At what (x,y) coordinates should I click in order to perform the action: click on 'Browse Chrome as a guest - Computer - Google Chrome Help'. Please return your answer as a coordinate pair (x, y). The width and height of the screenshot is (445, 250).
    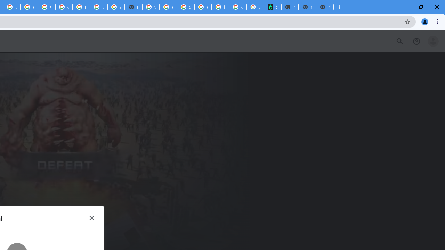
    Looking at the image, I should click on (81, 7).